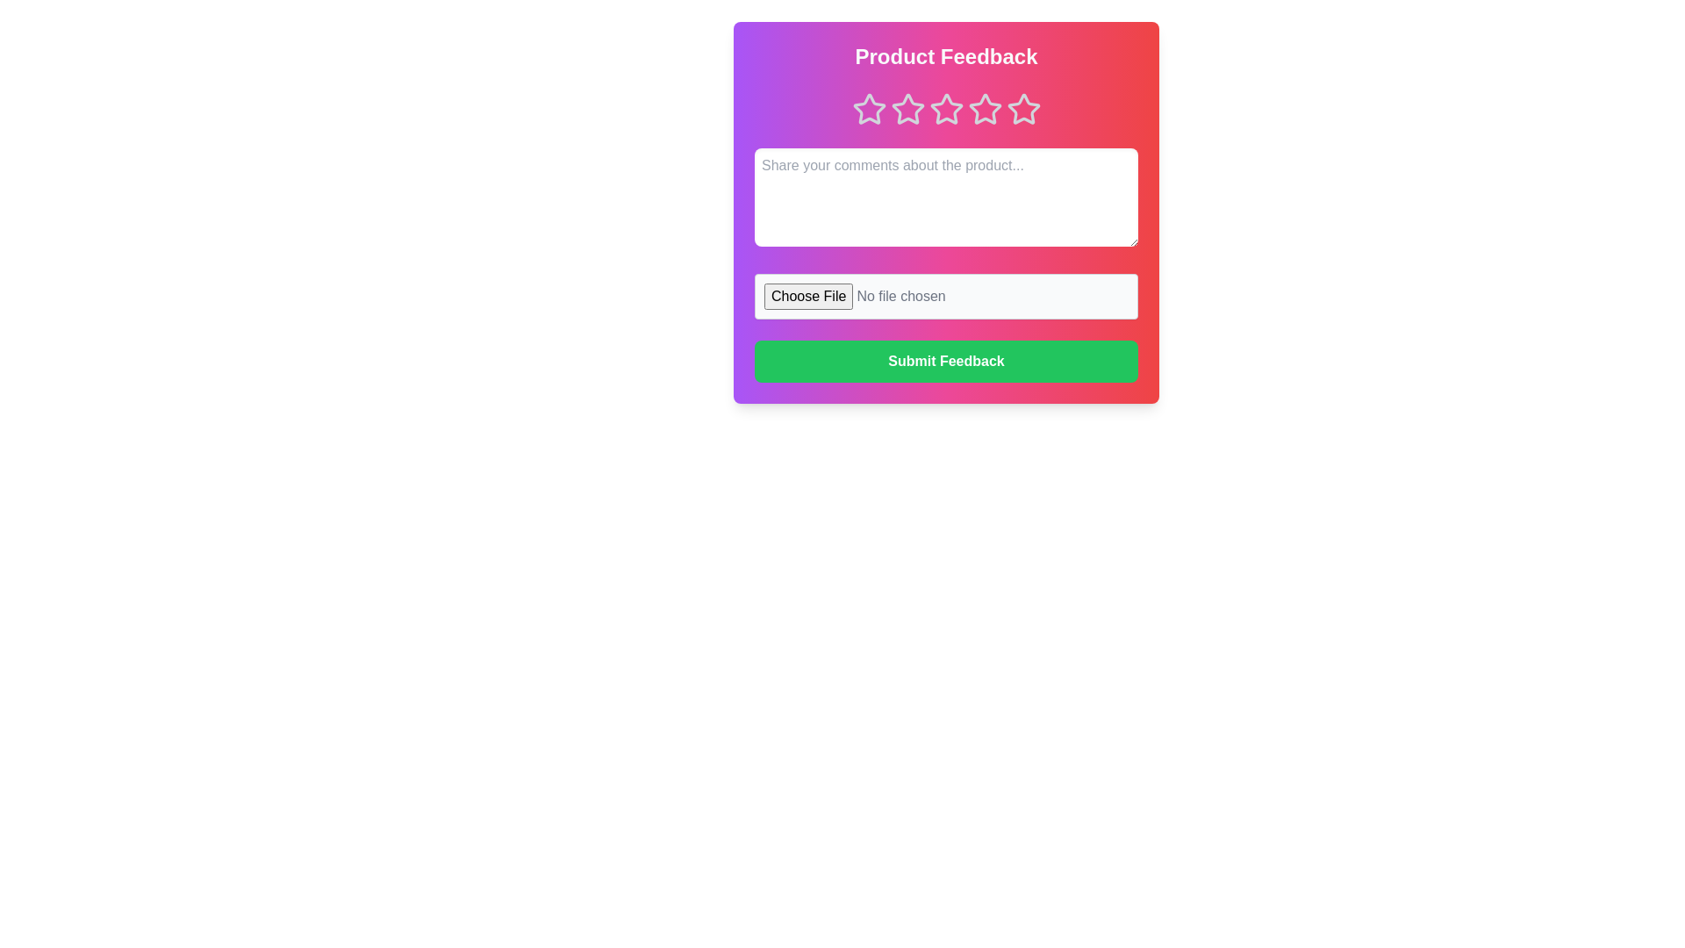 The width and height of the screenshot is (1685, 948). I want to click on the 'Choose File' button in the file input field, so click(945, 296).